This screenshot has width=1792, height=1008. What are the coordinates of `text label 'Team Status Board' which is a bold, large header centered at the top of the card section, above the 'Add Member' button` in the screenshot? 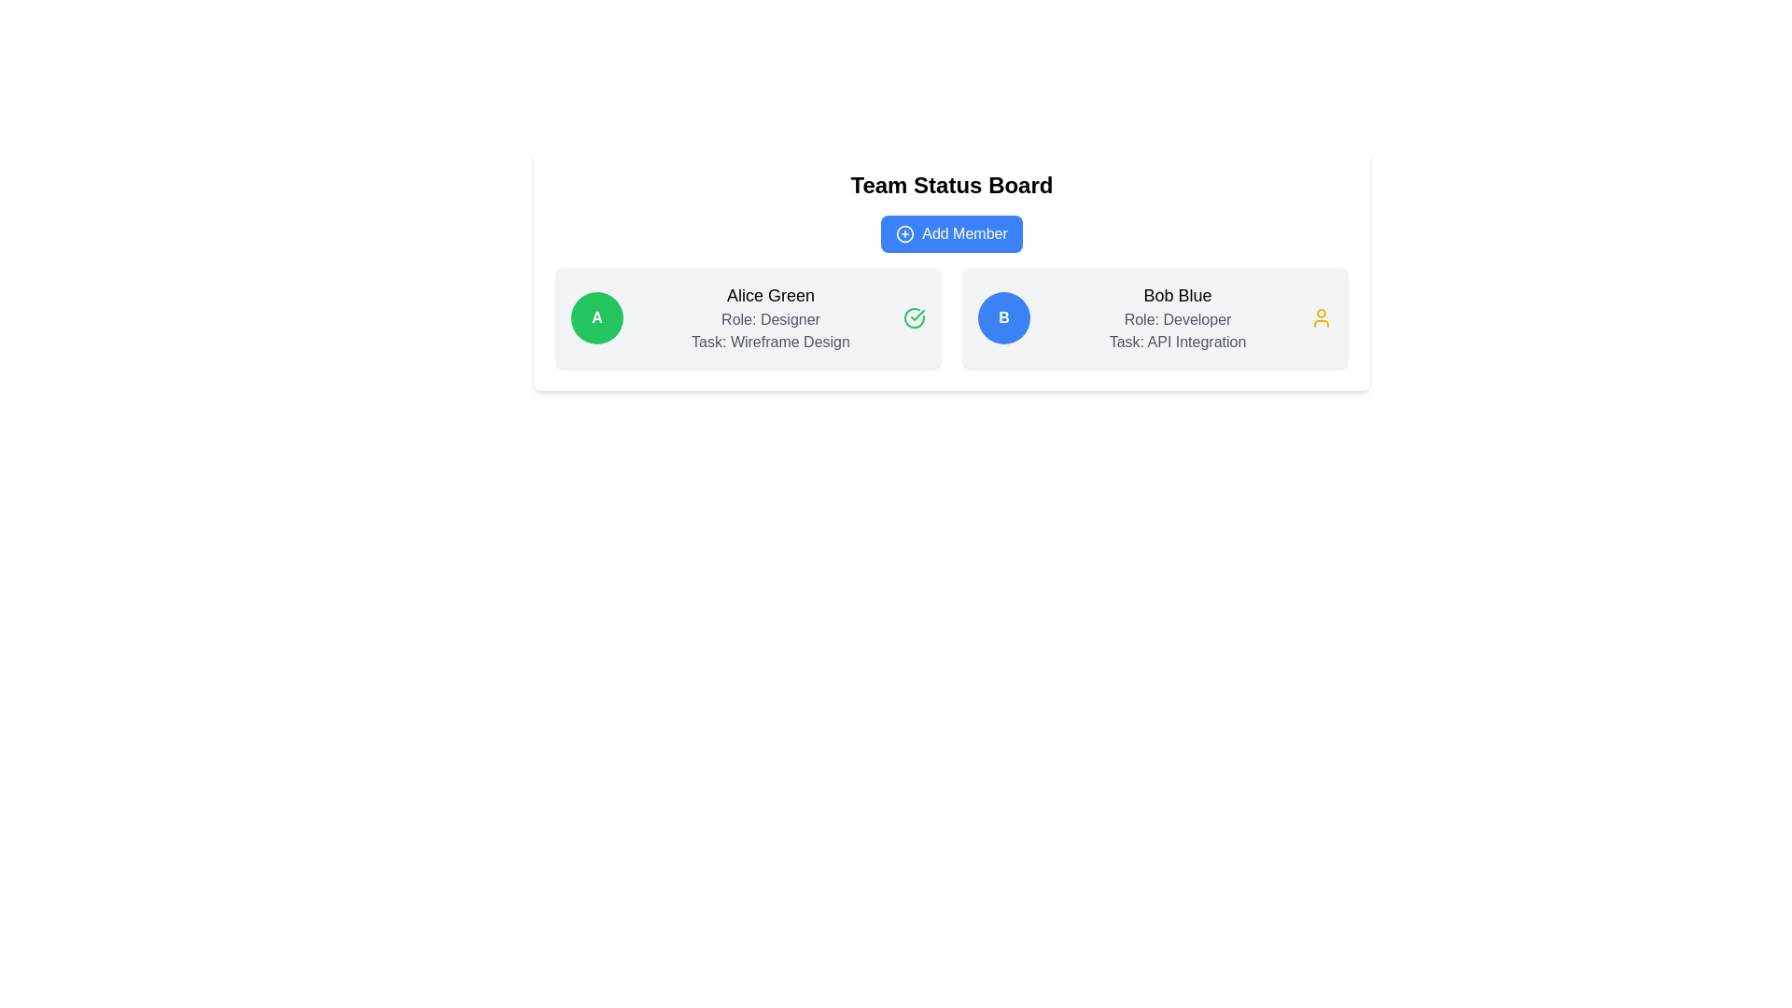 It's located at (951, 186).